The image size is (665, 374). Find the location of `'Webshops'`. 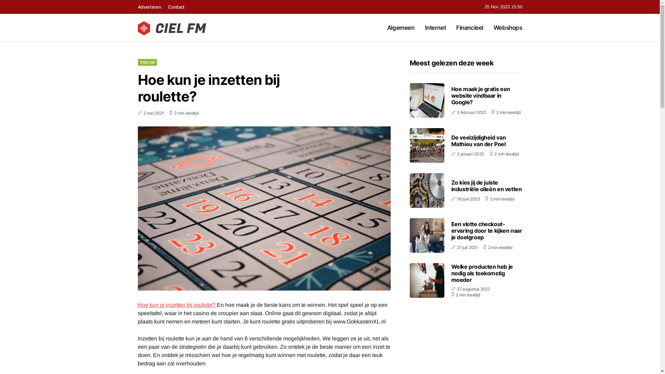

'Webshops' is located at coordinates (508, 27).